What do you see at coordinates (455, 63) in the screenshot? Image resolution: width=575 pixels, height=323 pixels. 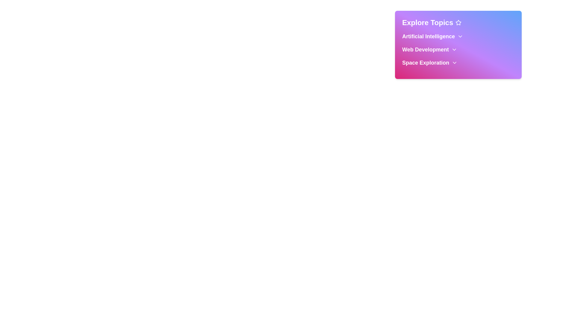 I see `the downward-pointing chevron icon next to the 'Space Exploration' text` at bounding box center [455, 63].